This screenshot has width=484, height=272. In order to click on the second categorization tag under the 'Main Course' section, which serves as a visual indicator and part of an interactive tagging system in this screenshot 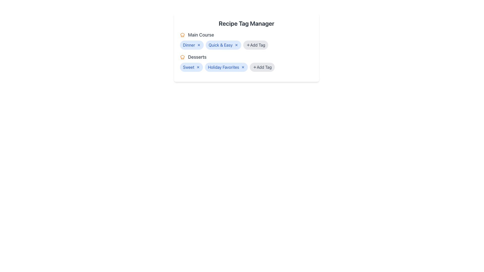, I will do `click(221, 45)`.